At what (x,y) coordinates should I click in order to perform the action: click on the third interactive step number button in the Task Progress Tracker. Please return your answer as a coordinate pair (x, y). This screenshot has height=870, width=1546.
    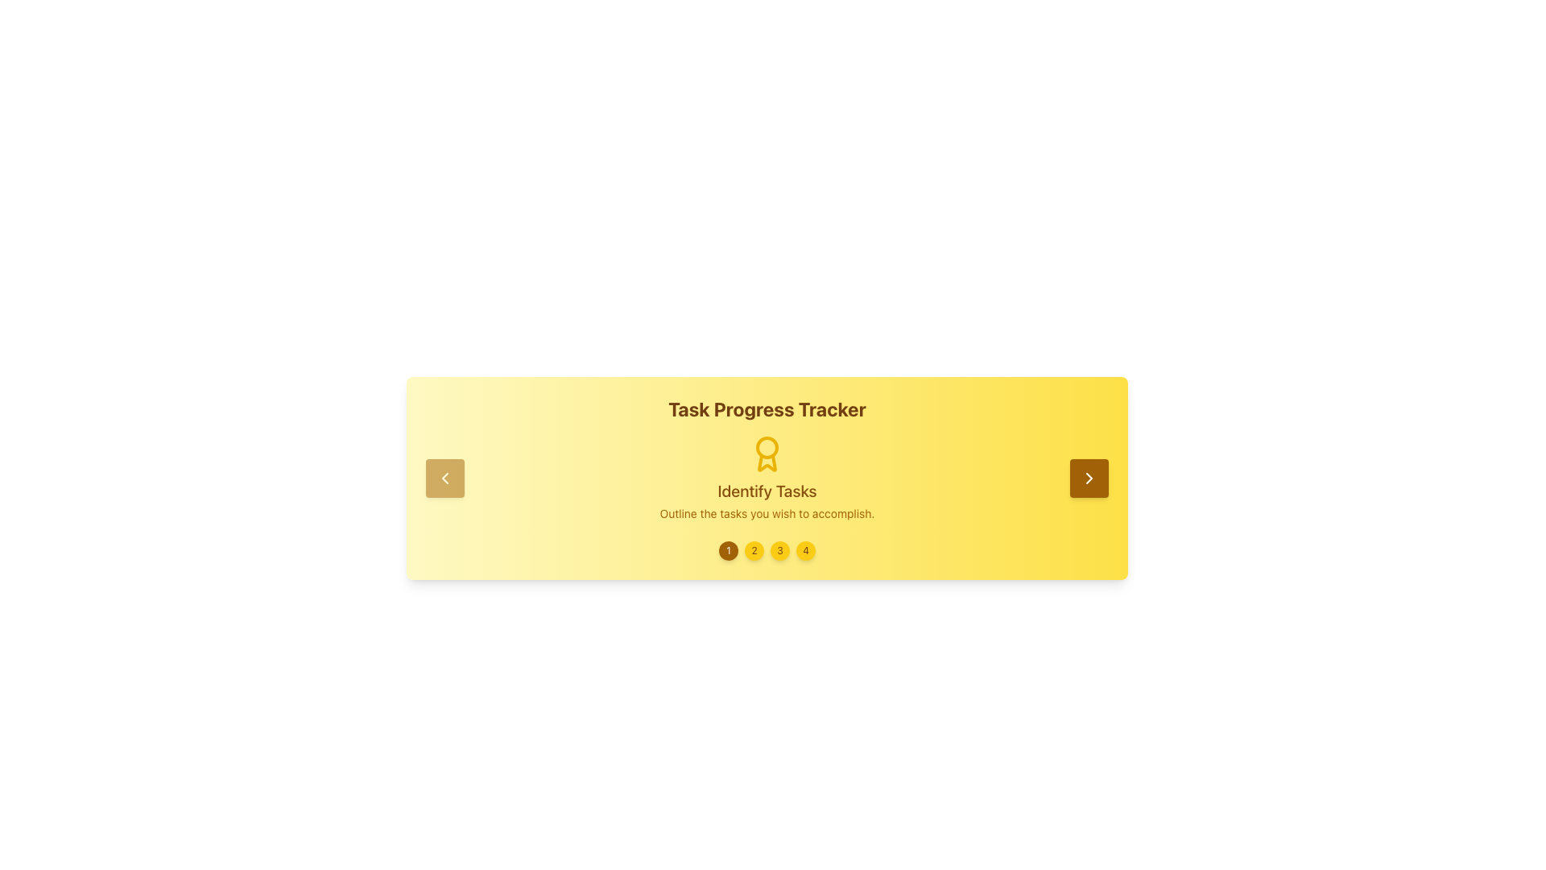
    Looking at the image, I should click on (767, 549).